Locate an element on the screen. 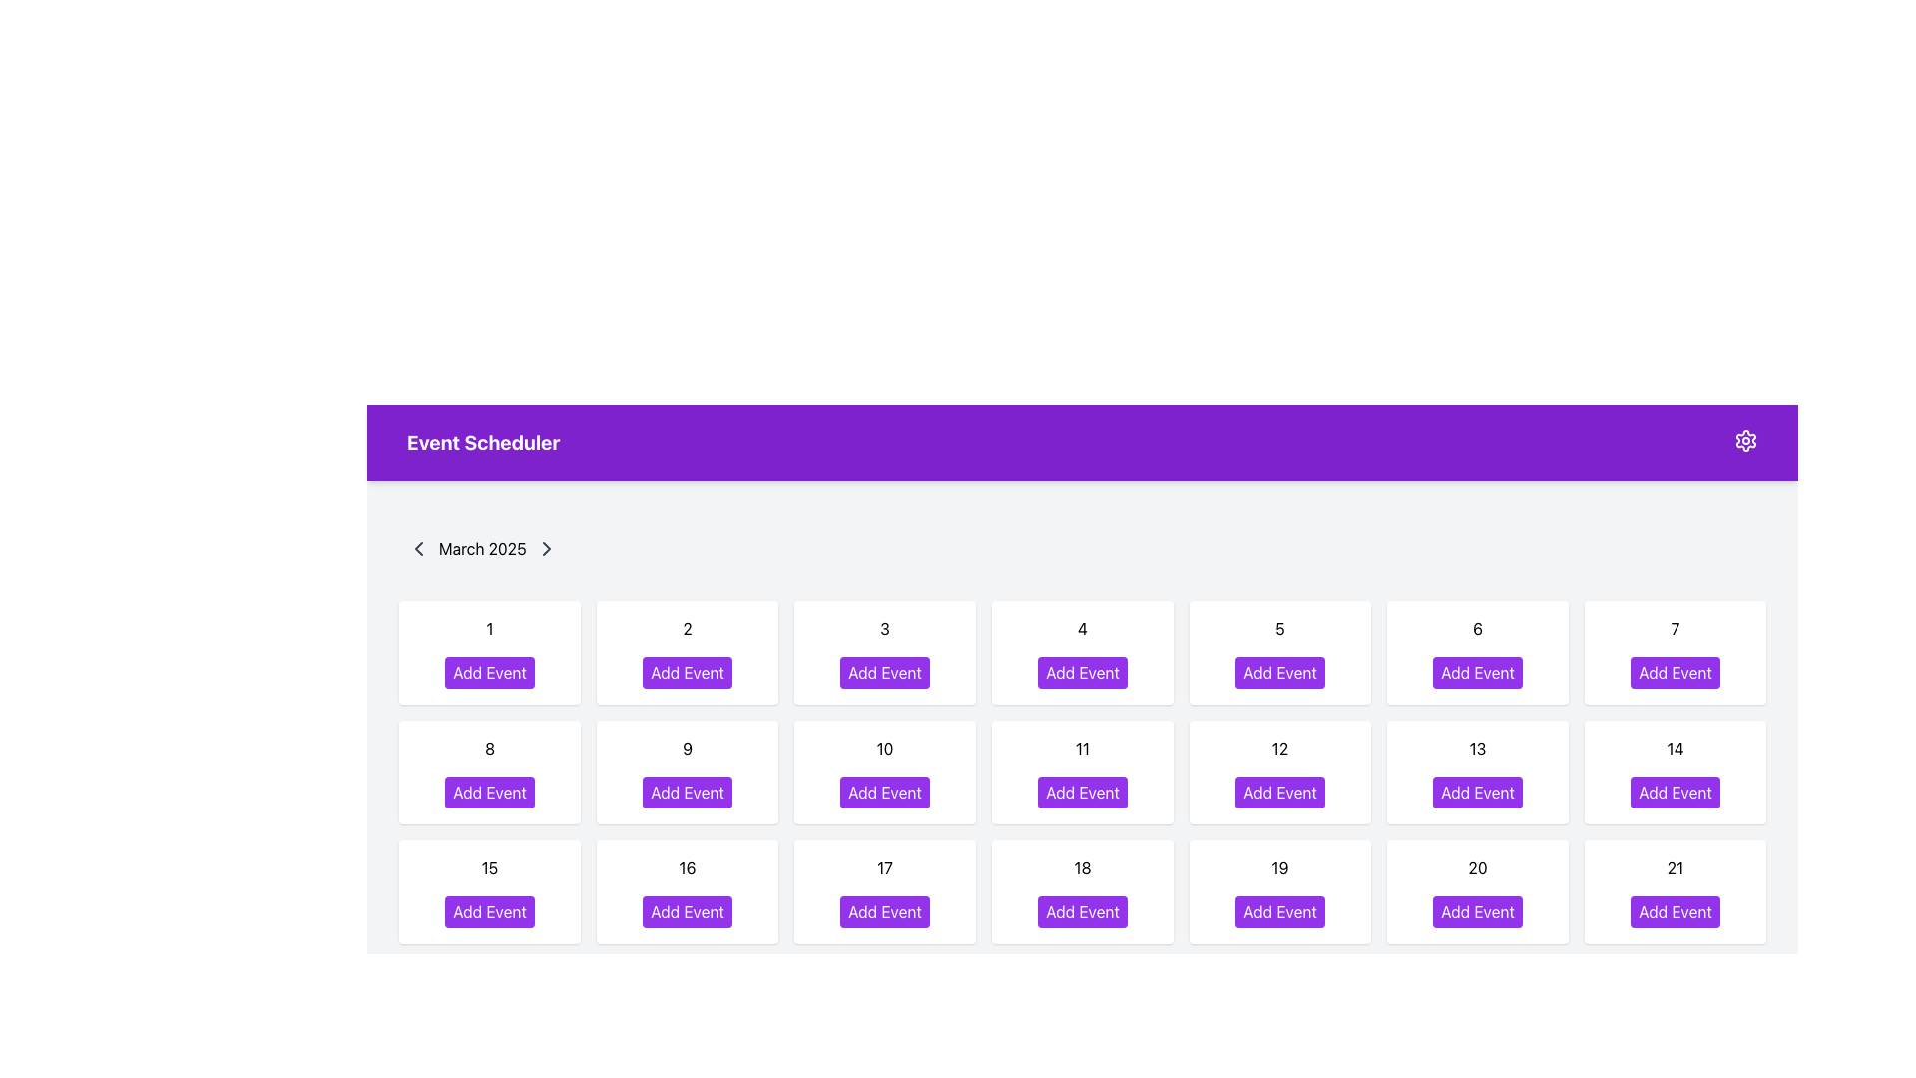  the 'Add Event' button located in the bottom part of the grid layout, row 13 is located at coordinates (1478, 792).